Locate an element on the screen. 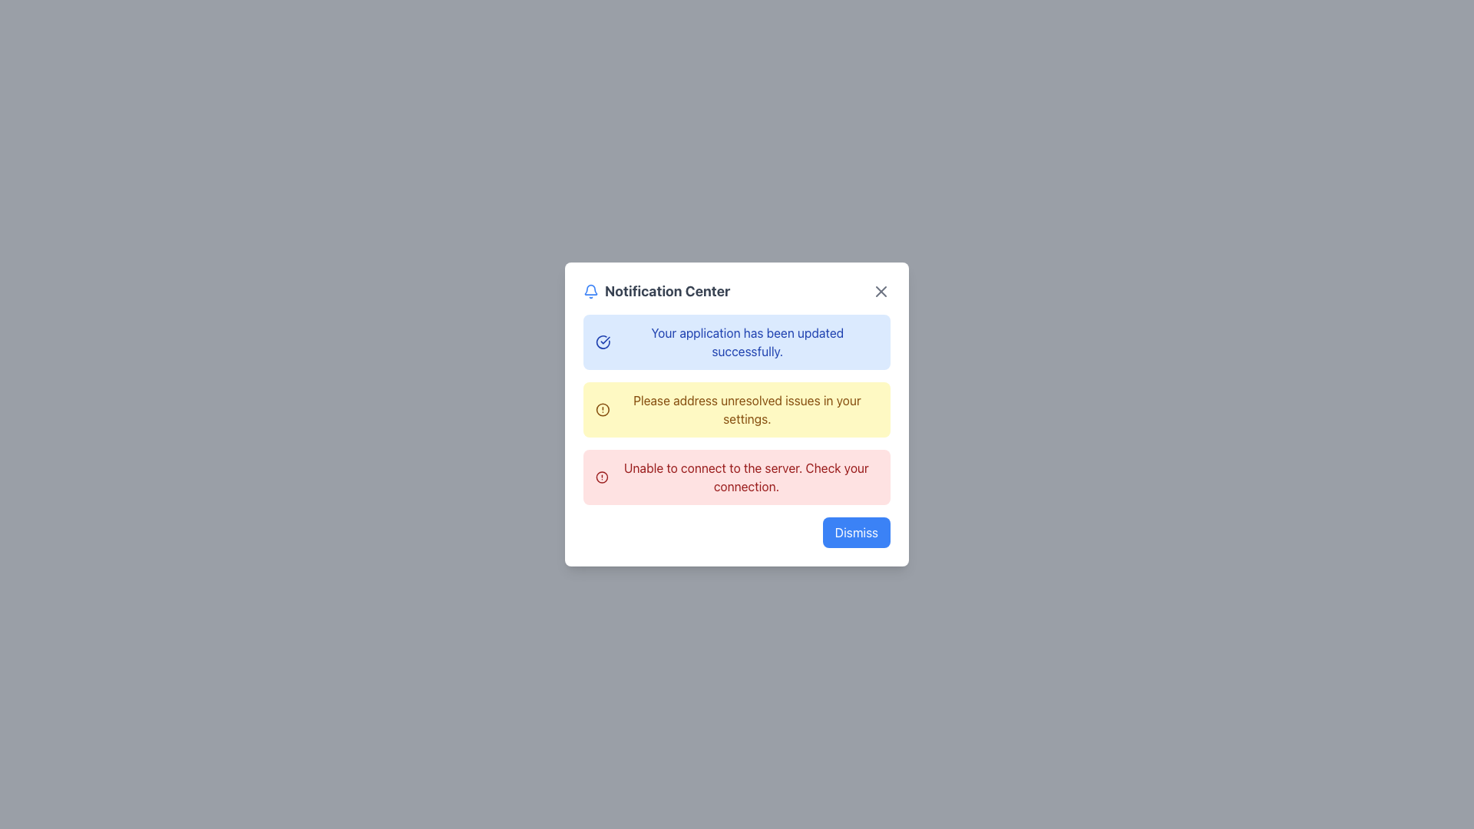 The width and height of the screenshot is (1474, 829). the connectivity issue alert from the Notification box, which is positioned below the yellow notification and above the 'Dismiss' button is located at coordinates (737, 476).